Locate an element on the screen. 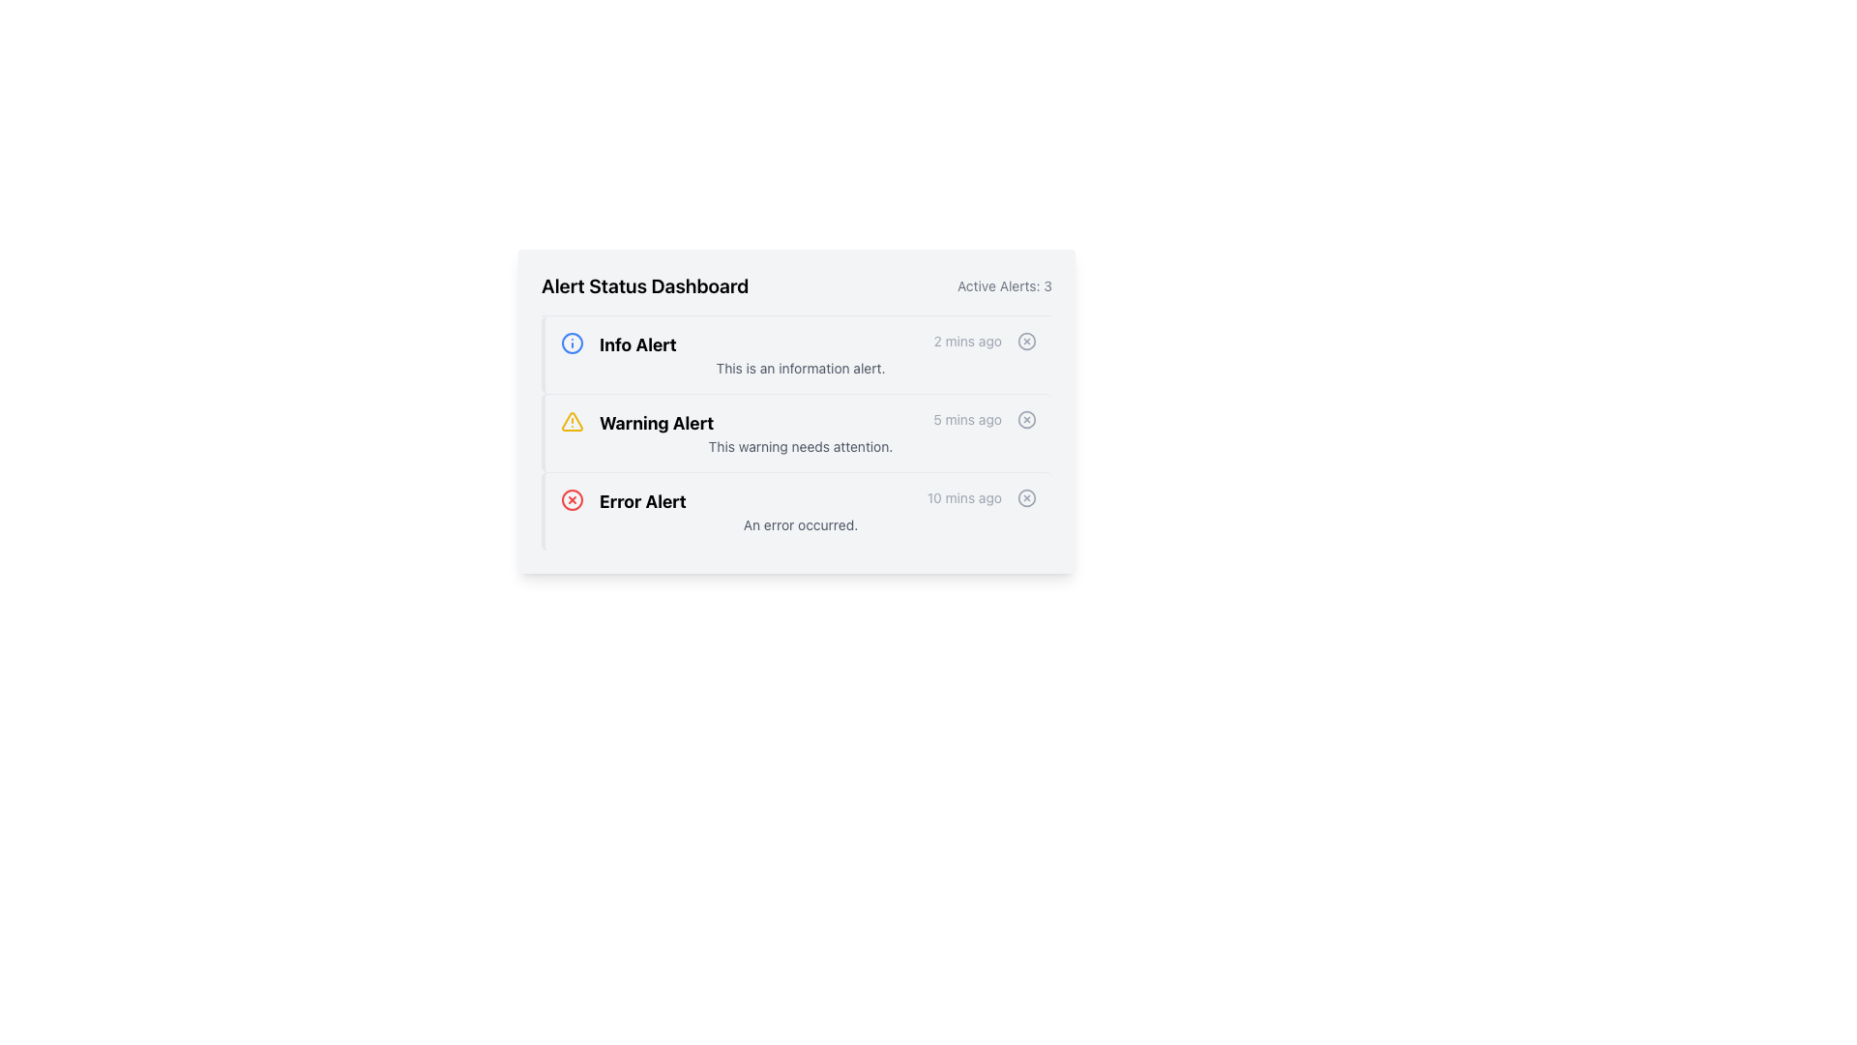  the non-interactive text label that provides clarifying information about the 'Info Alert', located below the 'Info Alert' text and above the horizontal separator line is located at coordinates (801, 369).